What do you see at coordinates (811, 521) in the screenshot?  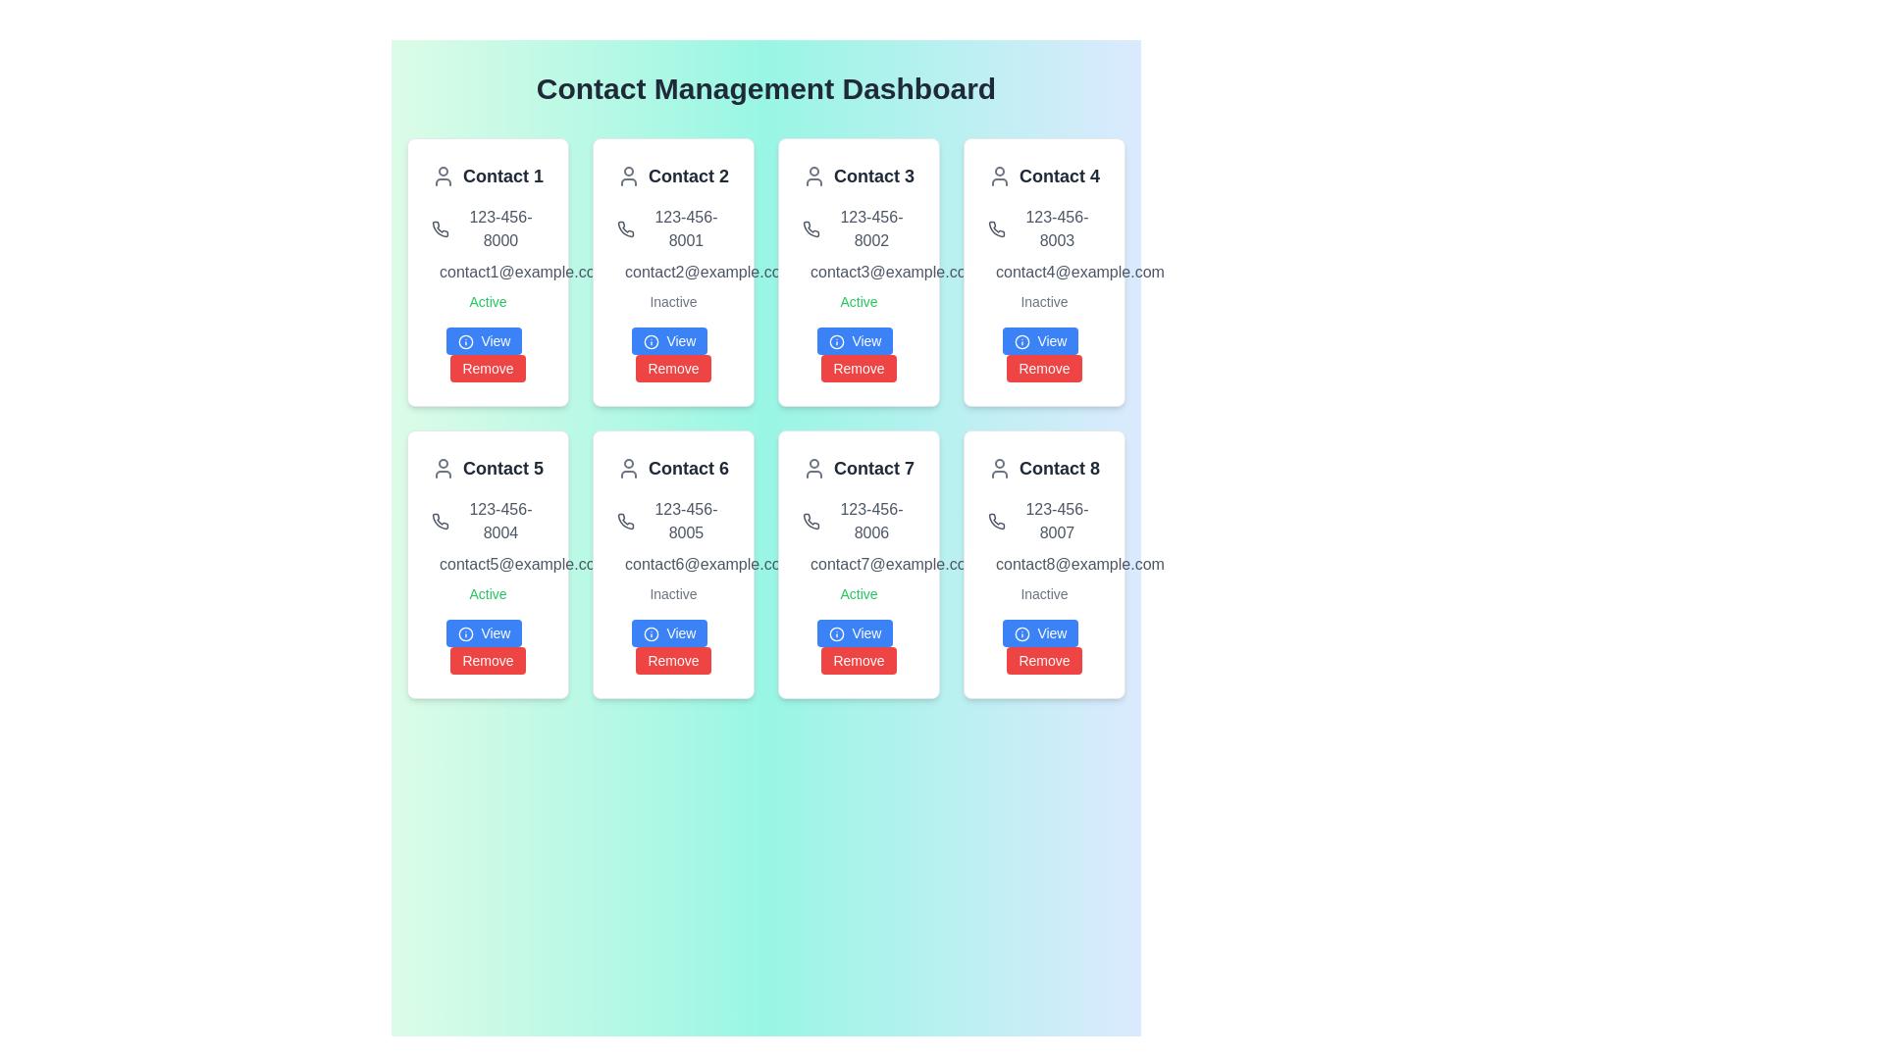 I see `the phone number icon associated with 'Contact 7', which is located to the left of the phone number text '123-456-8006'` at bounding box center [811, 521].